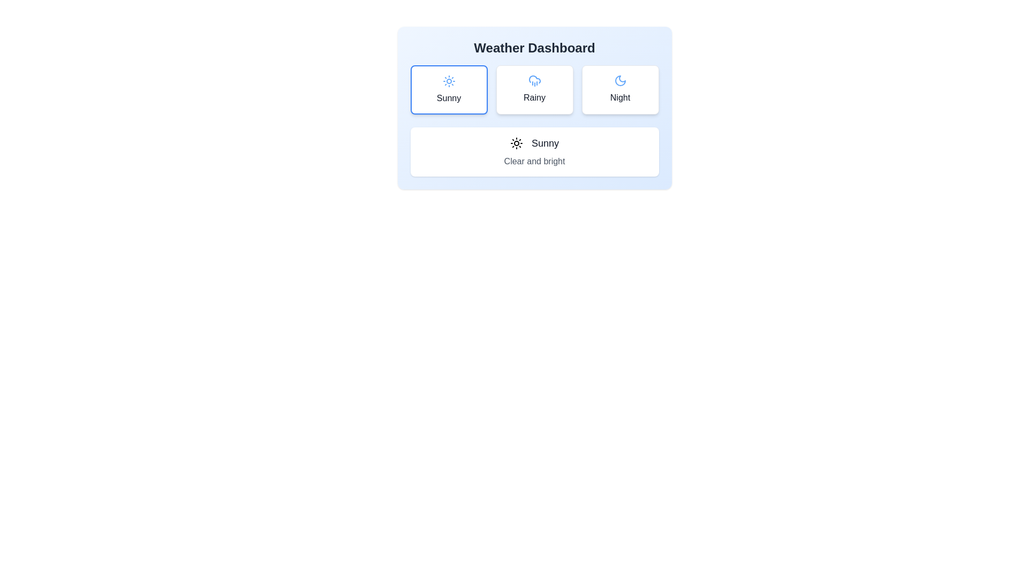  Describe the element at coordinates (534, 47) in the screenshot. I see `heading text 'Weather Dashboard' displayed in bold, large font at the top section of the panel with a soft blue gradient background` at that location.